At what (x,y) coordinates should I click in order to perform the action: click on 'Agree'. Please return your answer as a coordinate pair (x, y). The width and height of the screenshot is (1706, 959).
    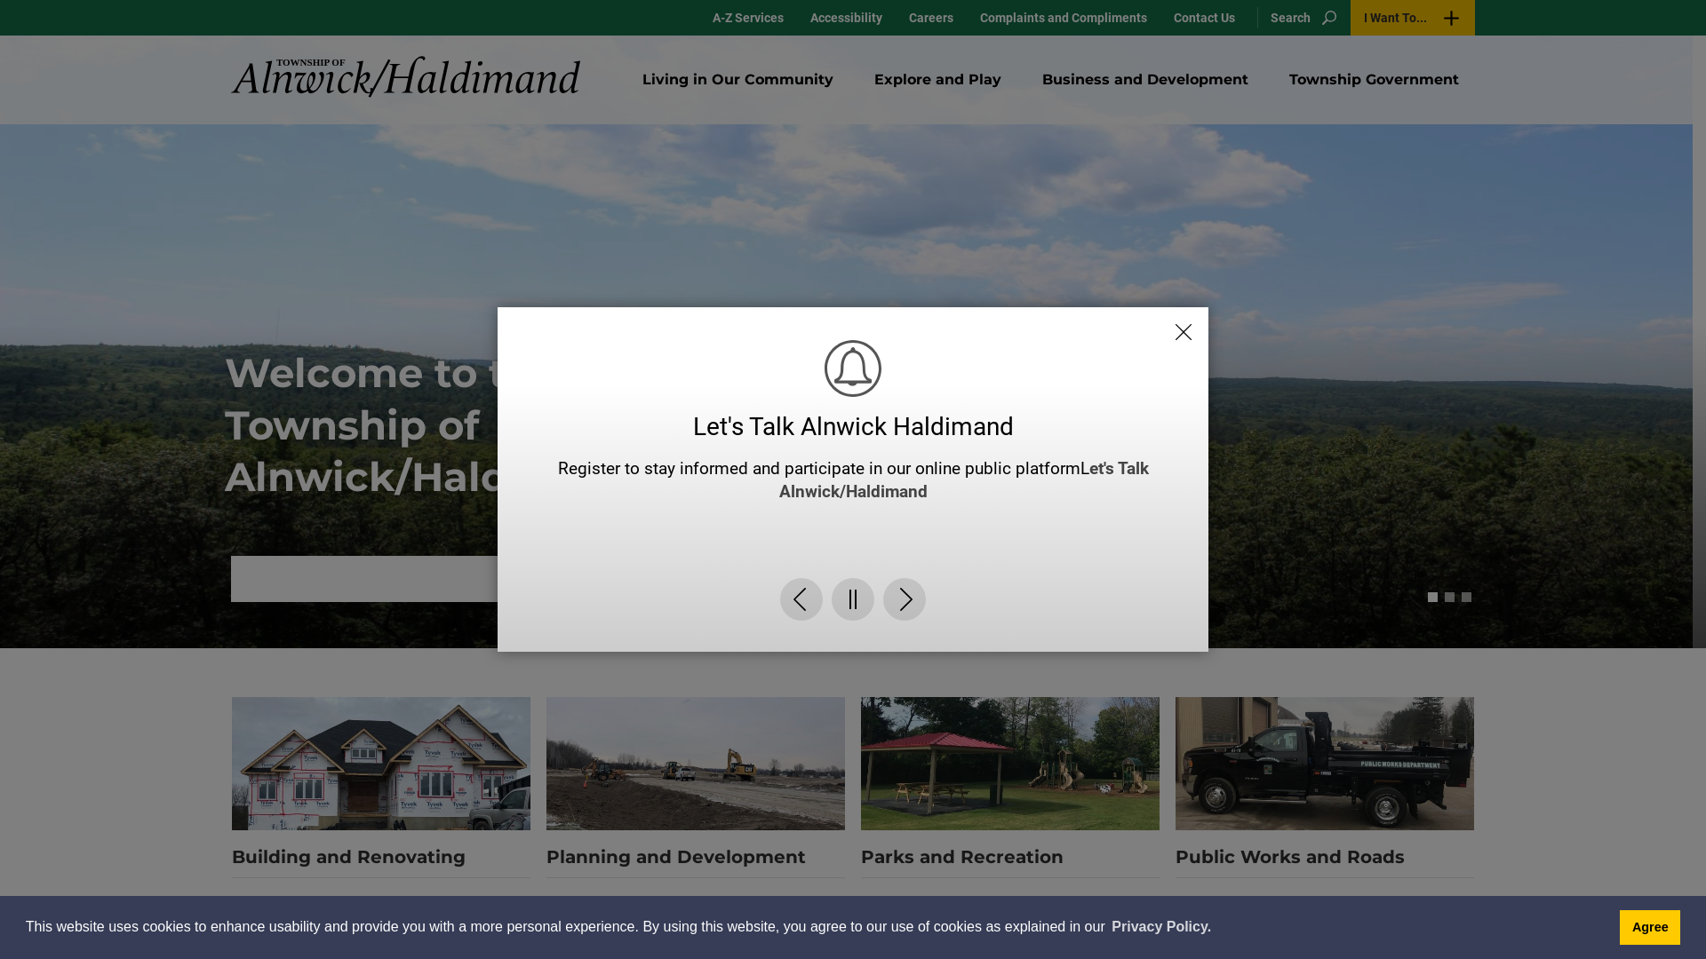
    Looking at the image, I should click on (1649, 926).